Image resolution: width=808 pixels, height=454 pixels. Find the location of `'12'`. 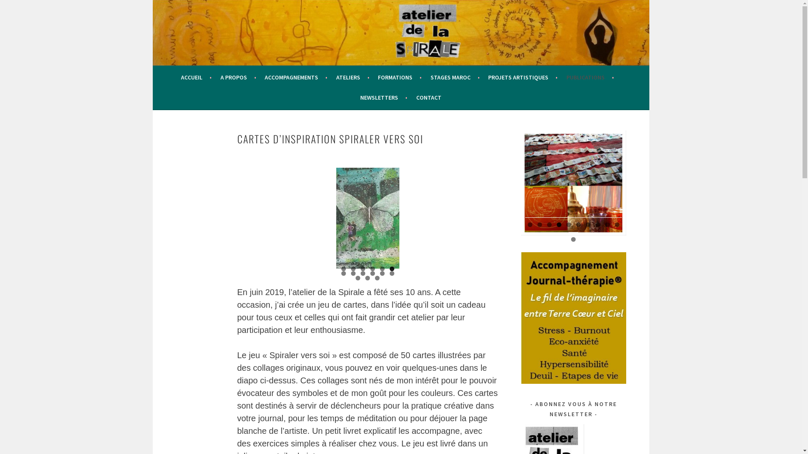

'12' is located at coordinates (391, 273).